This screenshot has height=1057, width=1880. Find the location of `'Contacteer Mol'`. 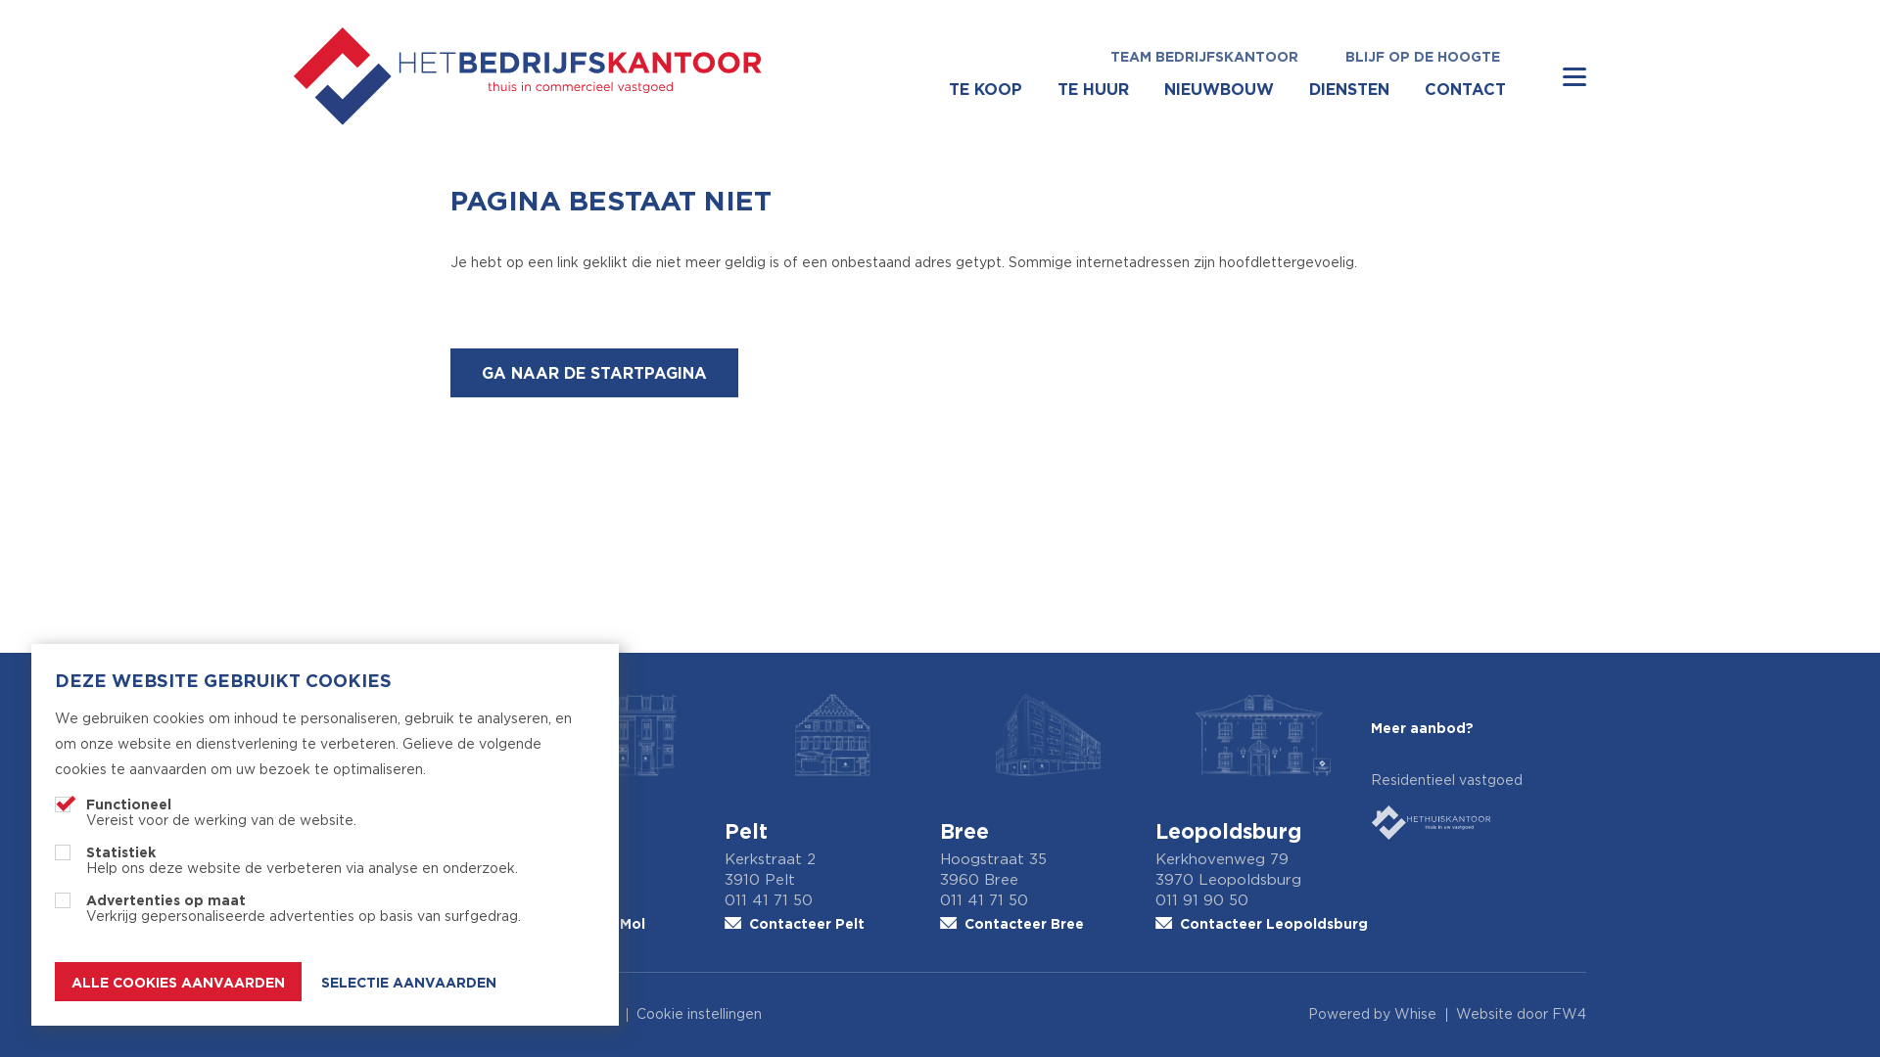

'Contacteer Mol' is located at coordinates (615, 924).